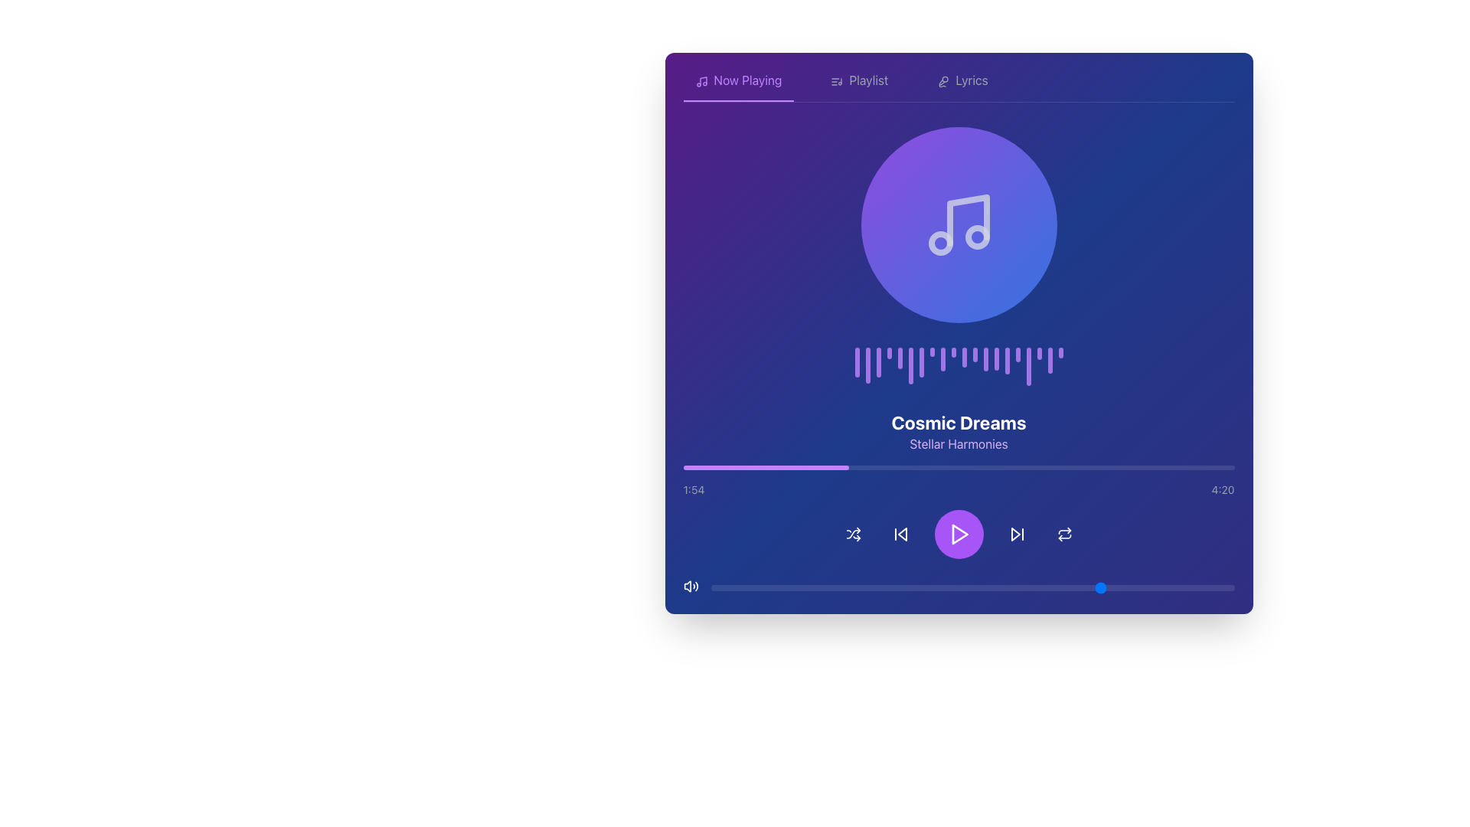  What do you see at coordinates (900, 358) in the screenshot?
I see `the fifth vertical bar in the group of waveform visual indicators, located just below the circular music icon` at bounding box center [900, 358].